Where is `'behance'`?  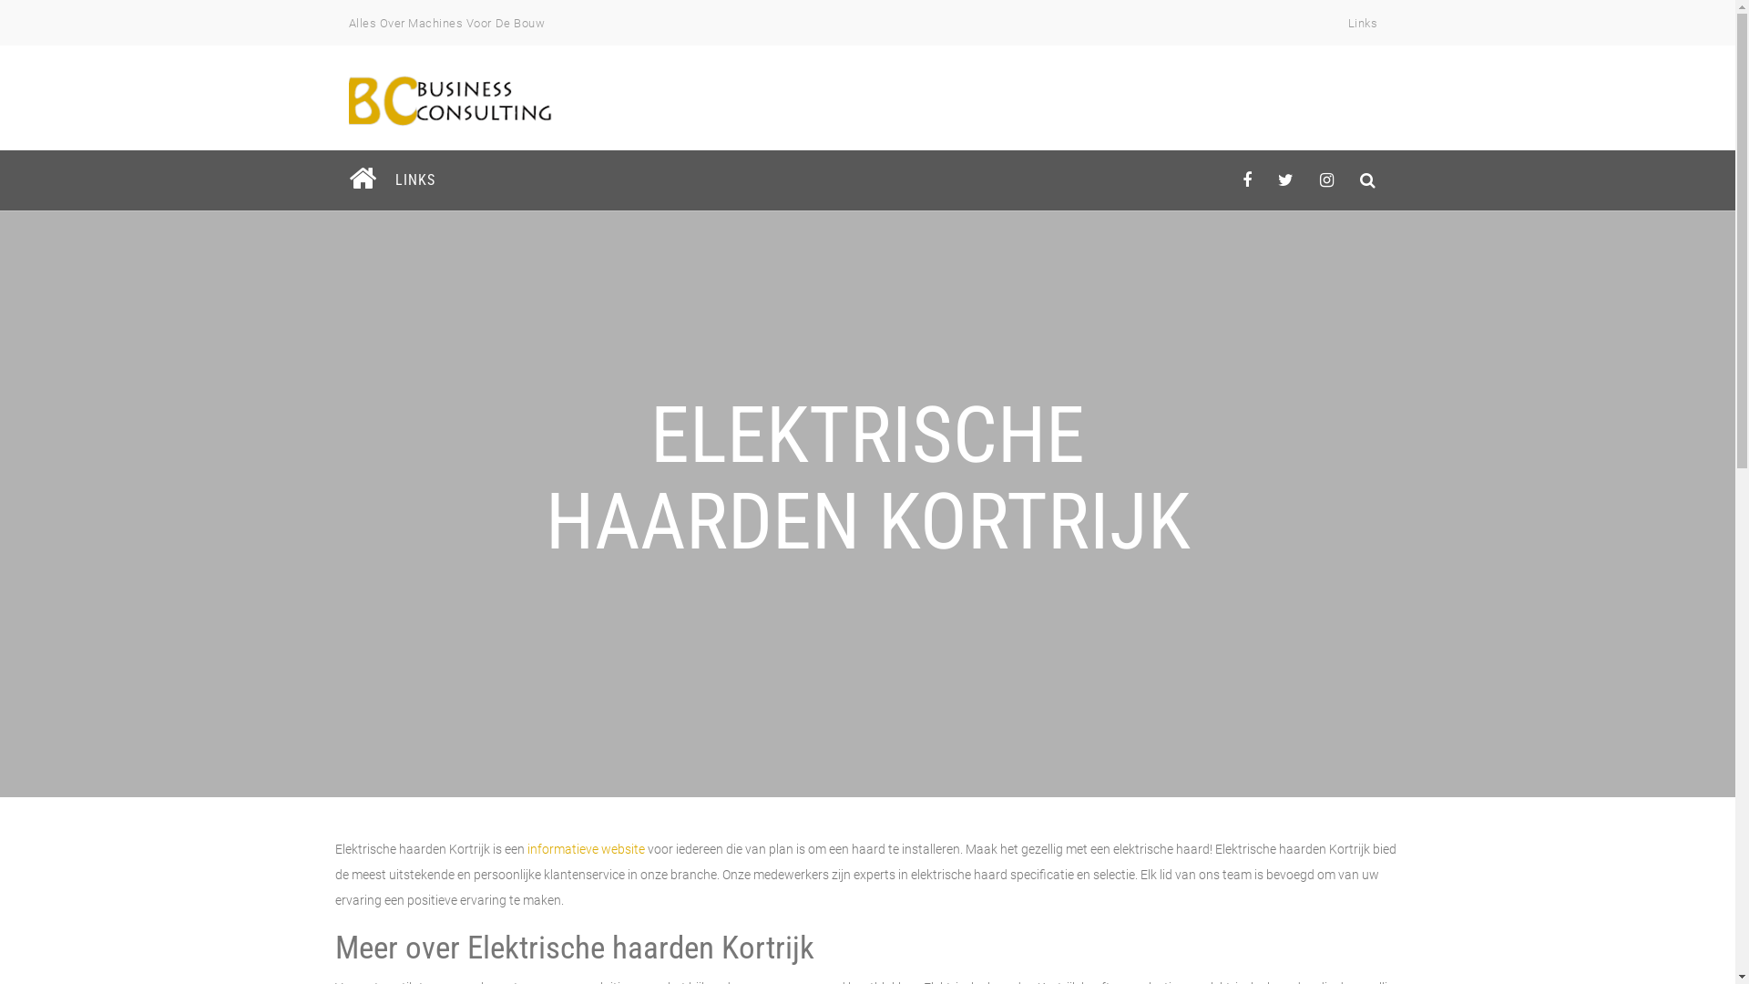
'behance' is located at coordinates (1347, 179).